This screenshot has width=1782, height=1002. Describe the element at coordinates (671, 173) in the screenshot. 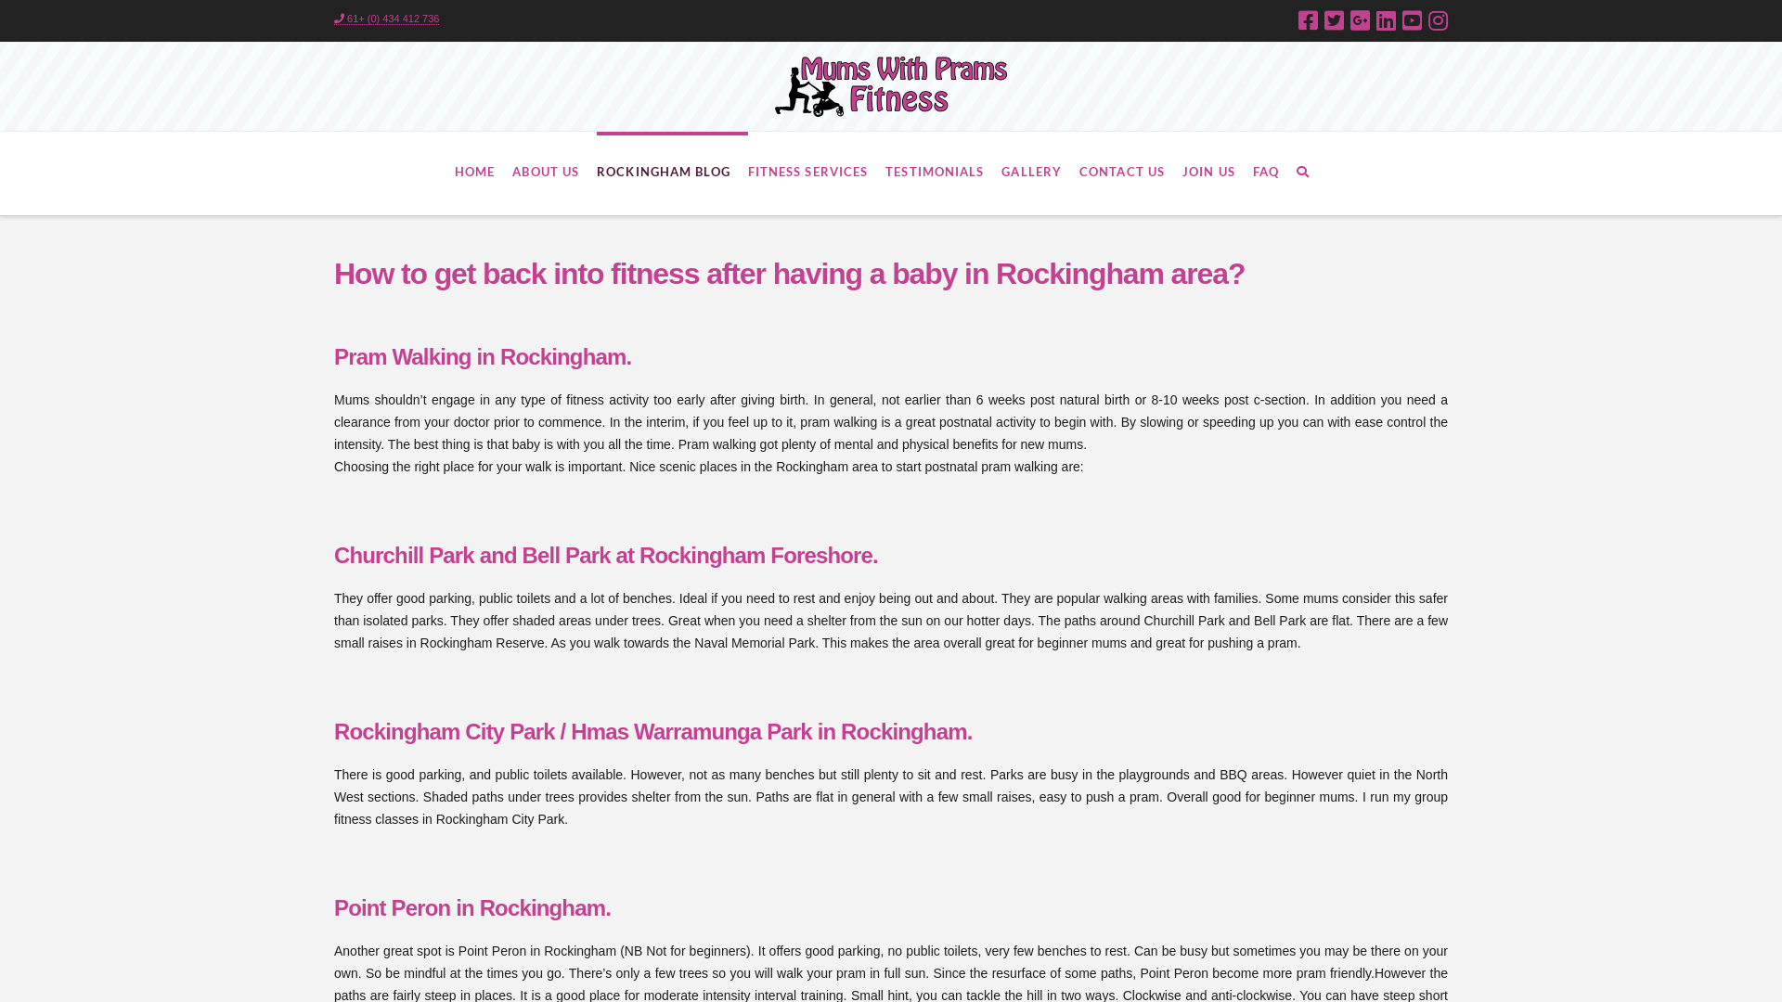

I see `'ROCKINGHAM BLOG'` at that location.